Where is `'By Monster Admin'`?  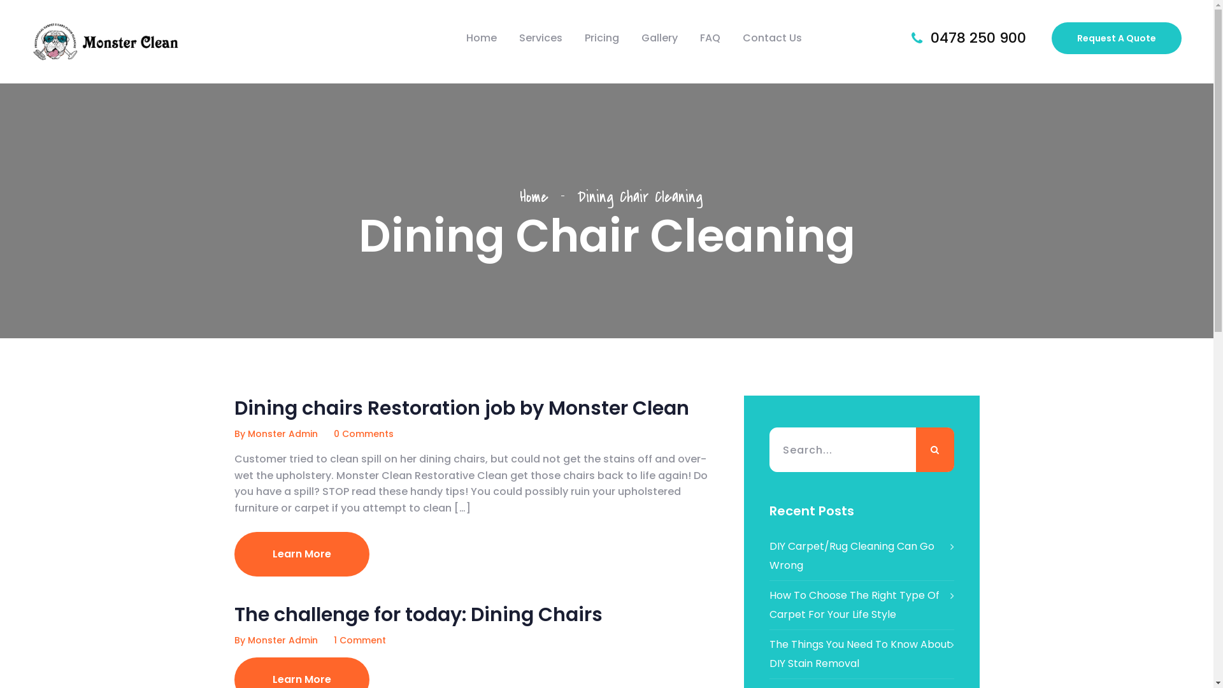
'By Monster Admin' is located at coordinates (275, 433).